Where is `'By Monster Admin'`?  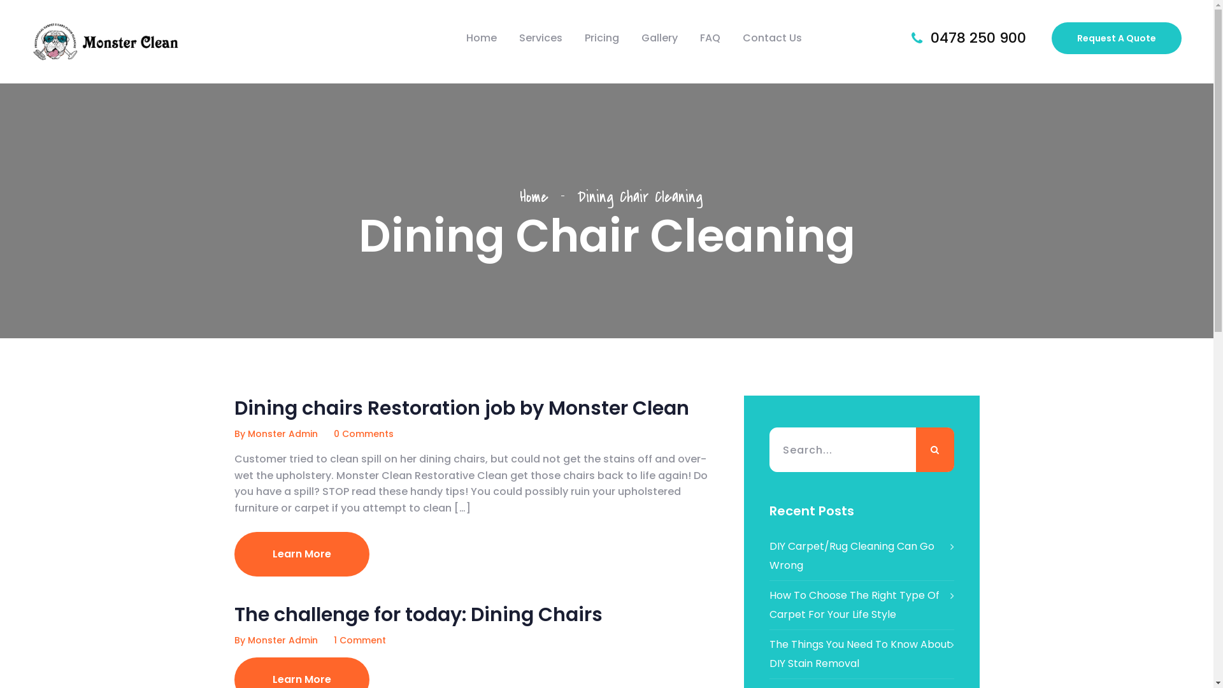
'By Monster Admin' is located at coordinates (275, 433).